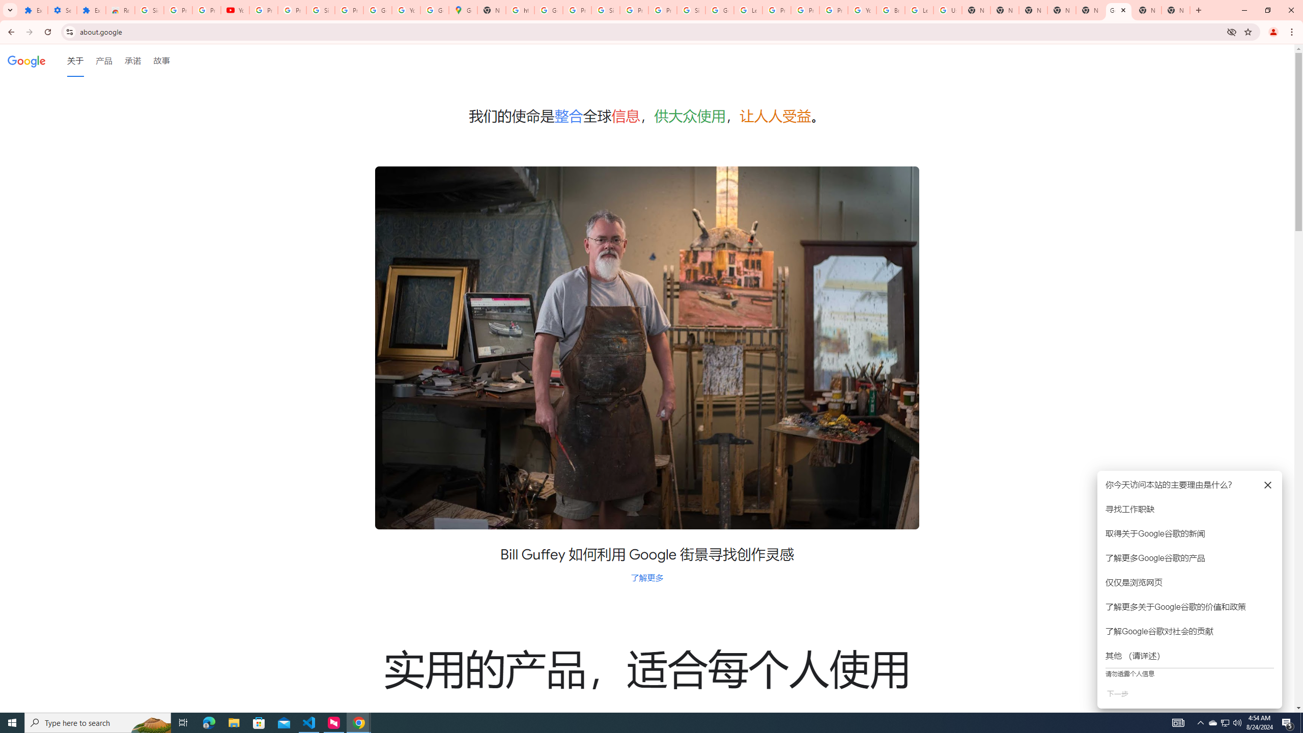 The width and height of the screenshot is (1303, 733). Describe the element at coordinates (605, 10) in the screenshot. I see `'Sign in - Google Accounts'` at that location.